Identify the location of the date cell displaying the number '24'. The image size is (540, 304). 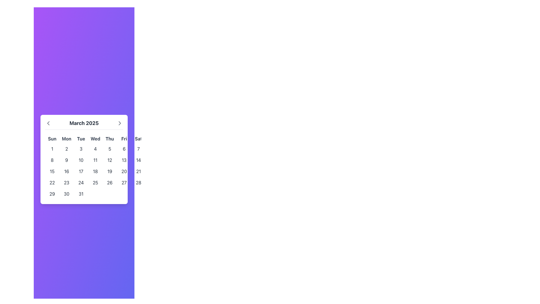
(81, 182).